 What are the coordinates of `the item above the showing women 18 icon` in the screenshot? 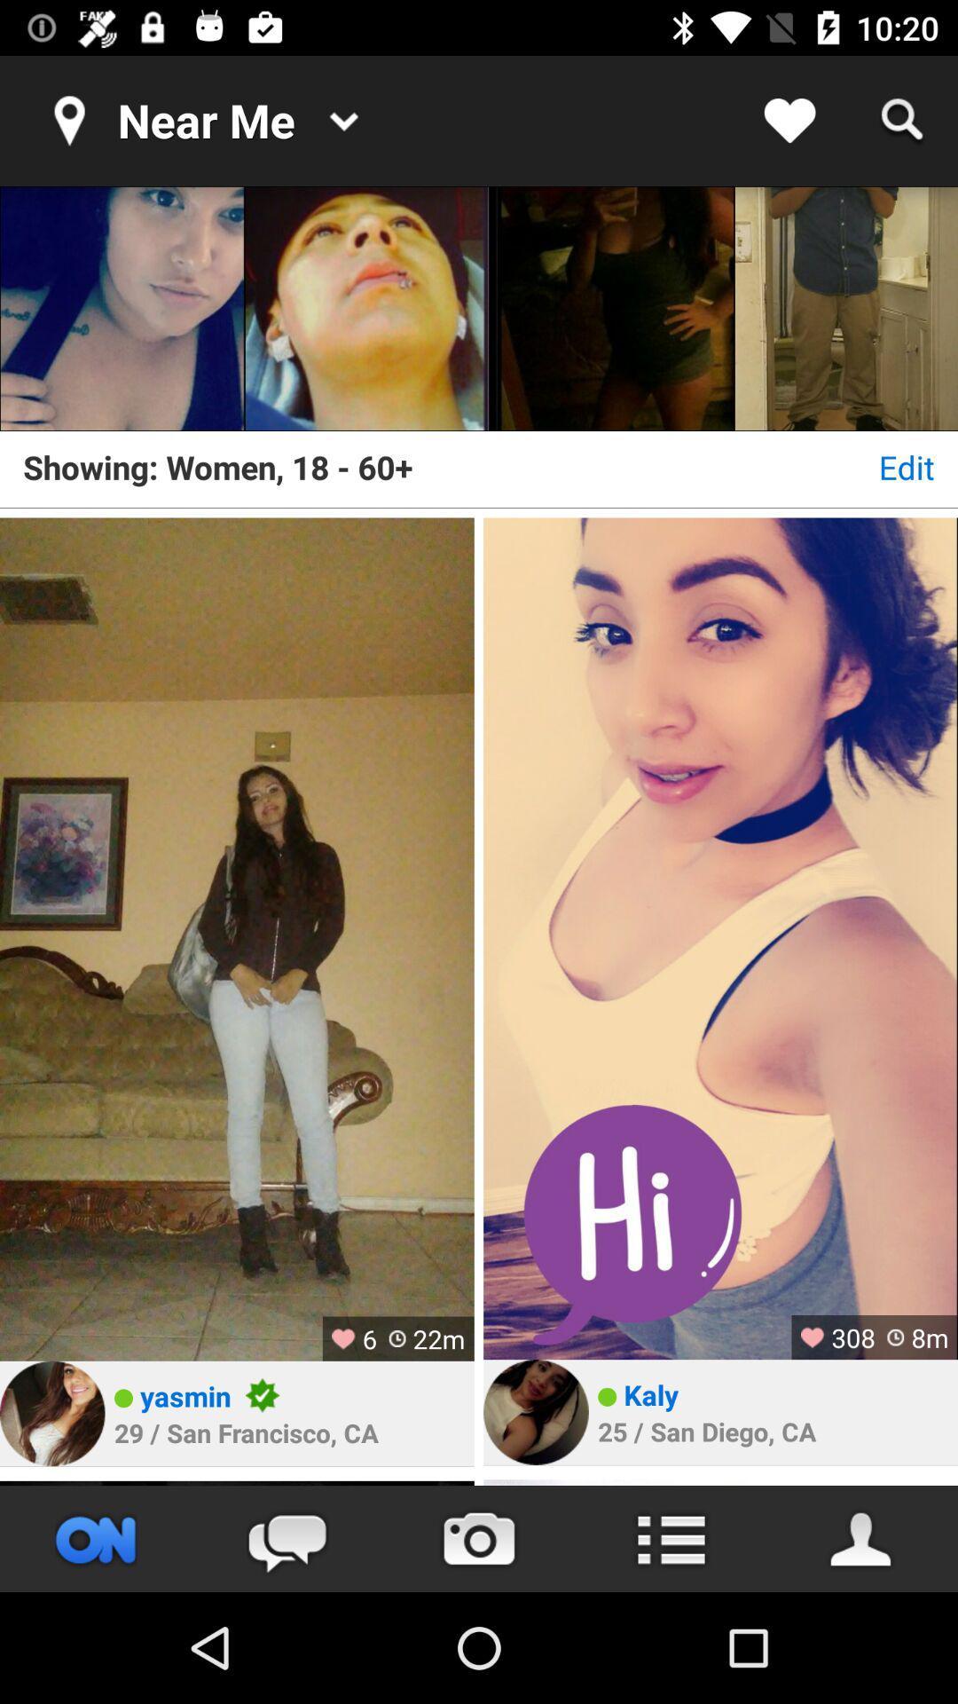 It's located at (611, 309).